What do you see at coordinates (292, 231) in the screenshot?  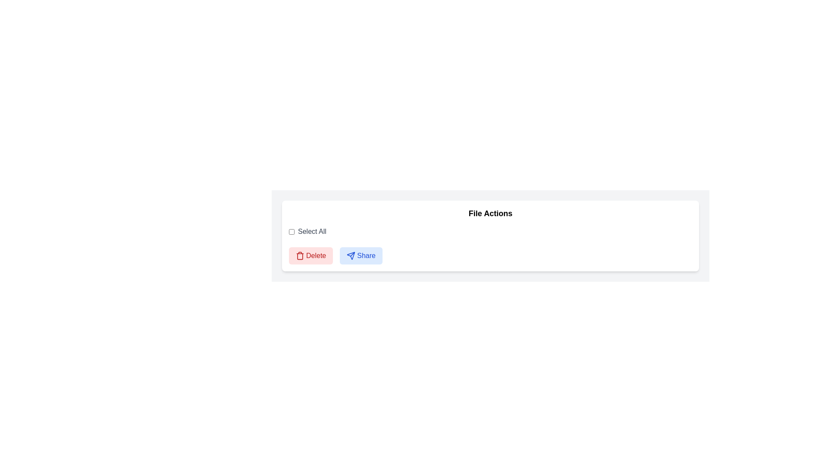 I see `the 'Select All' checkbox` at bounding box center [292, 231].